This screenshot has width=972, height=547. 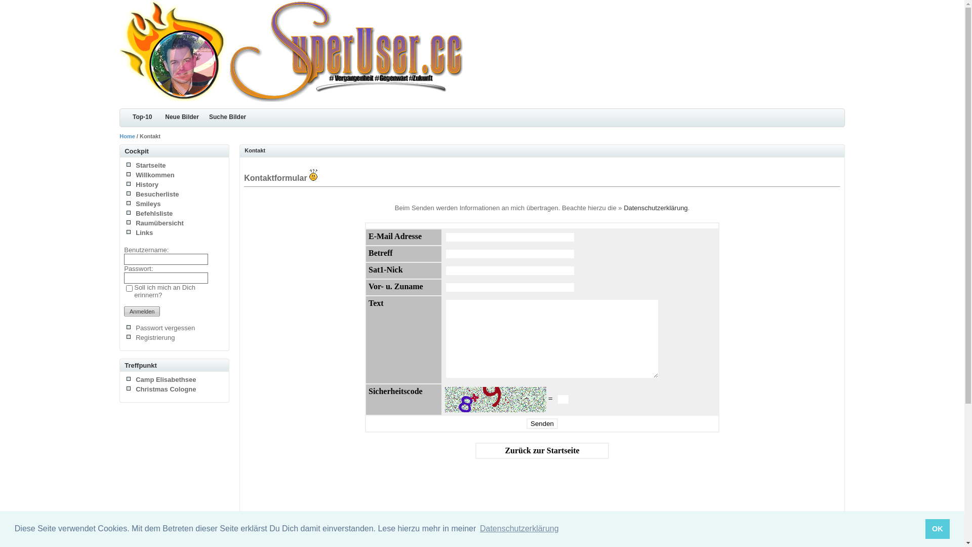 I want to click on 'Besucherliste', so click(x=156, y=194).